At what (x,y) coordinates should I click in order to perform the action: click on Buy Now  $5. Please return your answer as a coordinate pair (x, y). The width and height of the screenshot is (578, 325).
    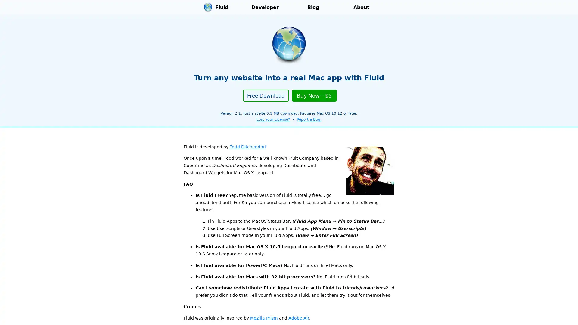
    Looking at the image, I should click on (314, 95).